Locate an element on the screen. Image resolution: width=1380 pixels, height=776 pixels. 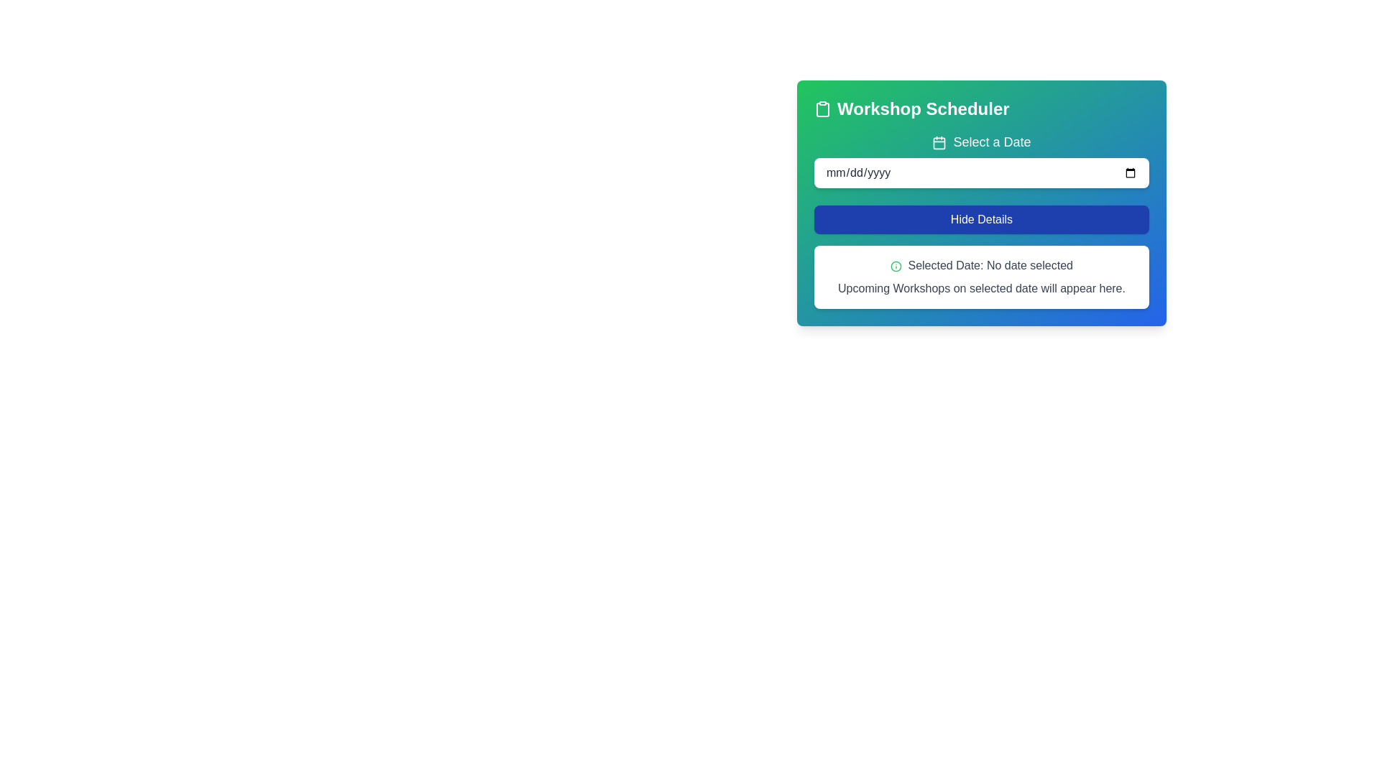
the informational text block indicating where details about upcoming workshops will appear, located below the 'Selected Date: No date selected' line is located at coordinates (981, 288).